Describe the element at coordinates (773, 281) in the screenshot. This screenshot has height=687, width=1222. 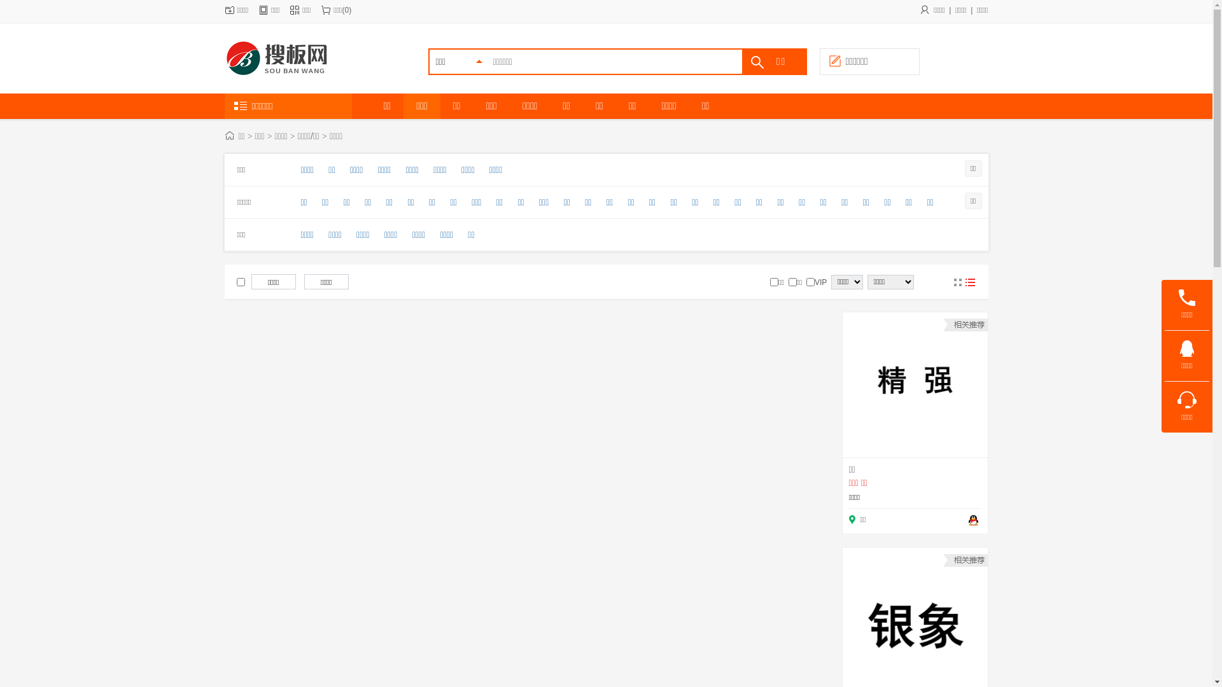
I see `'on'` at that location.